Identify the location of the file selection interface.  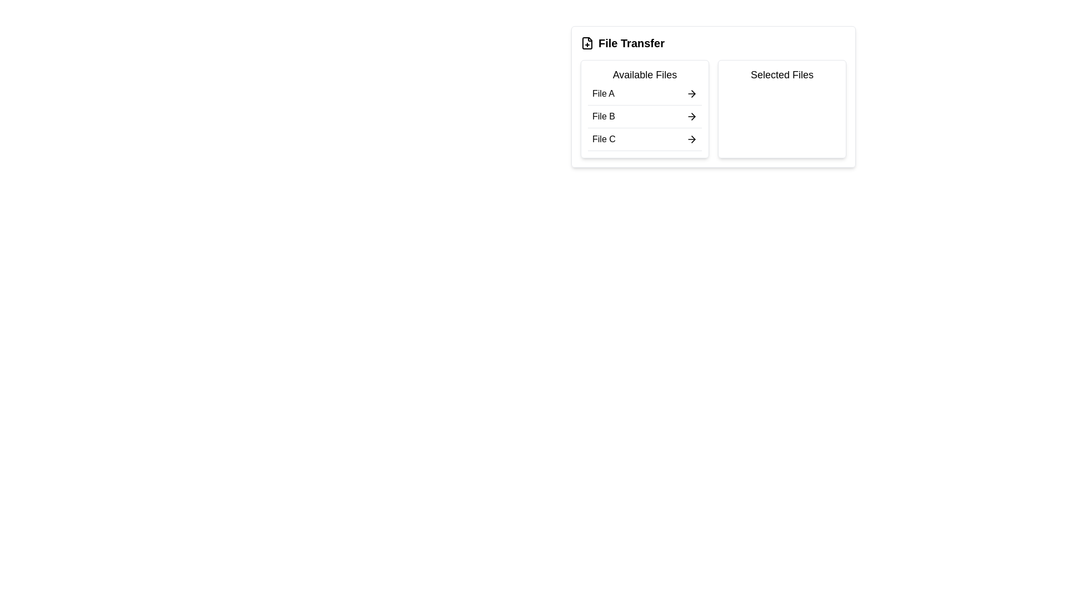
(713, 96).